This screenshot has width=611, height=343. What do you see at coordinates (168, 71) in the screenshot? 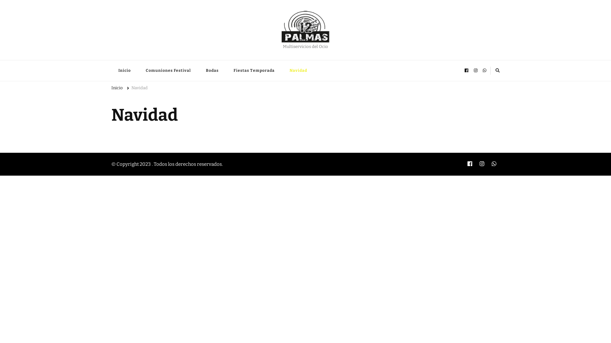
I see `'Comuniones Festival'` at bounding box center [168, 71].